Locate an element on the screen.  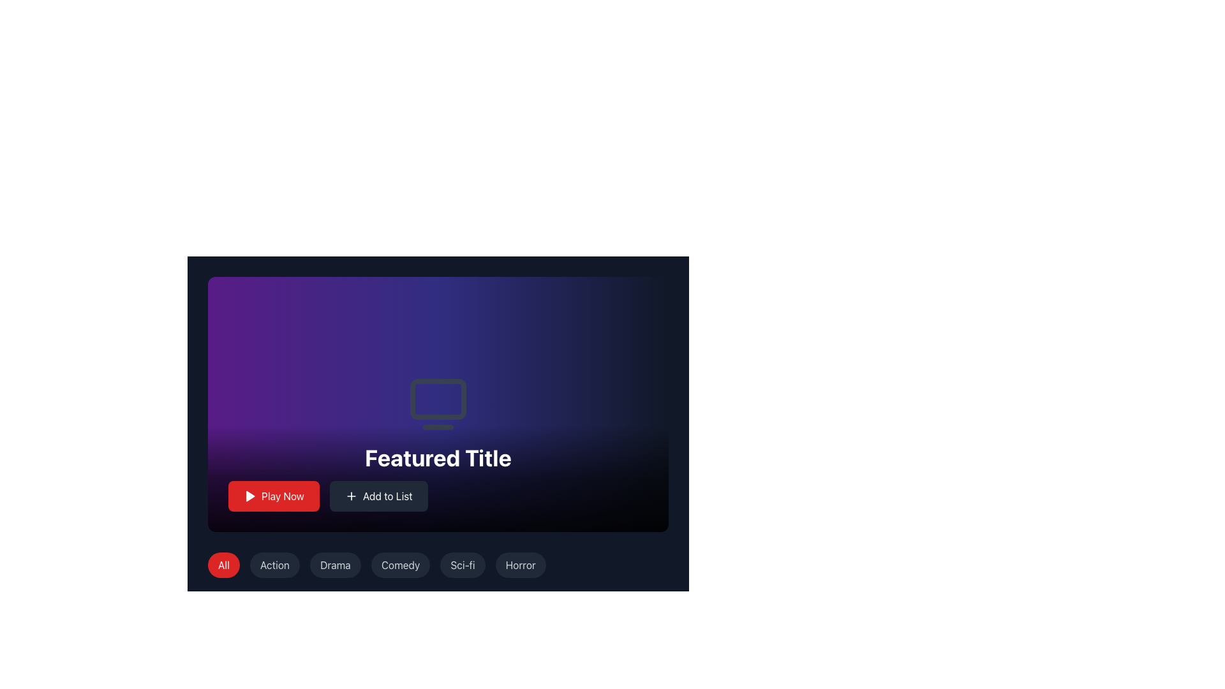
the large and bold text component displaying 'Featured Title', which is prominently positioned above the interactive buttons in the bottom center of the interface is located at coordinates (438, 457).